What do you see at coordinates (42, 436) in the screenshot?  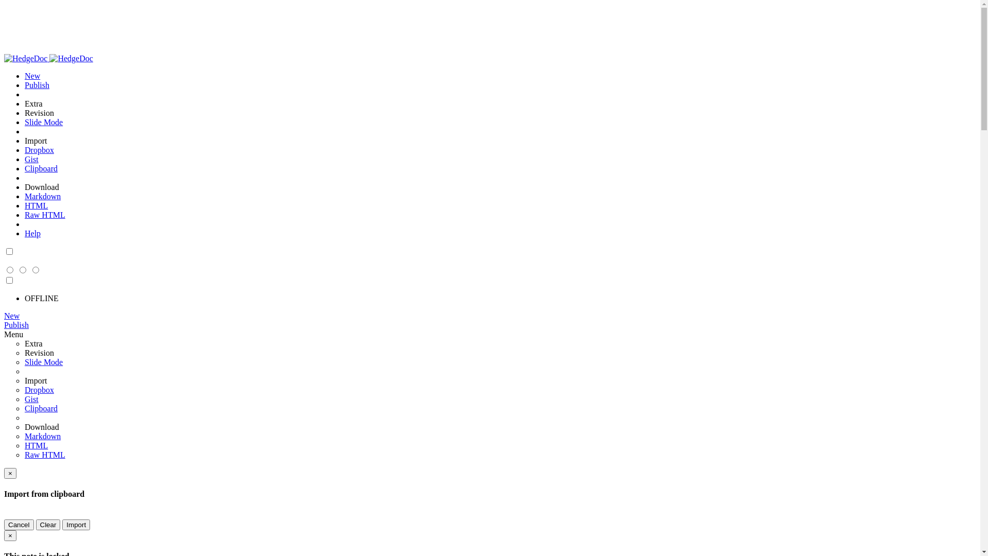 I see `'Markdown'` at bounding box center [42, 436].